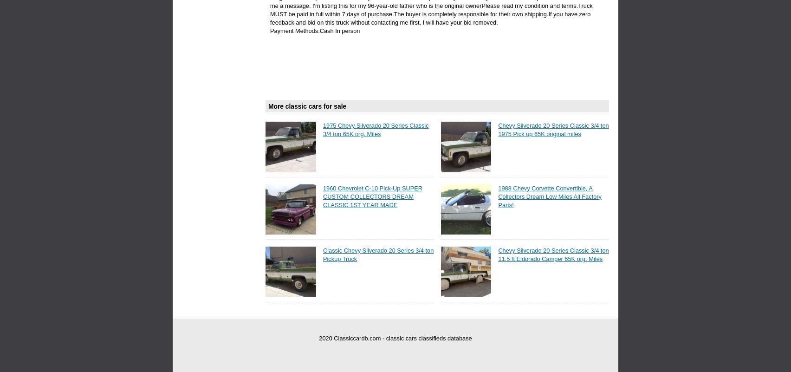  Describe the element at coordinates (307, 106) in the screenshot. I see `'More classic cars for sale'` at that location.